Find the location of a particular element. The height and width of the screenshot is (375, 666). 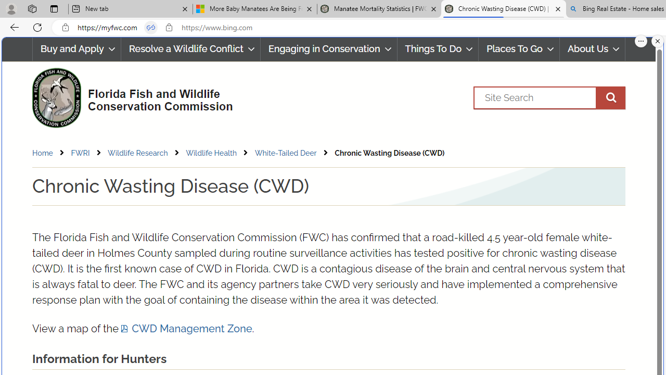

'White-Tailed Deer' is located at coordinates (293, 153).